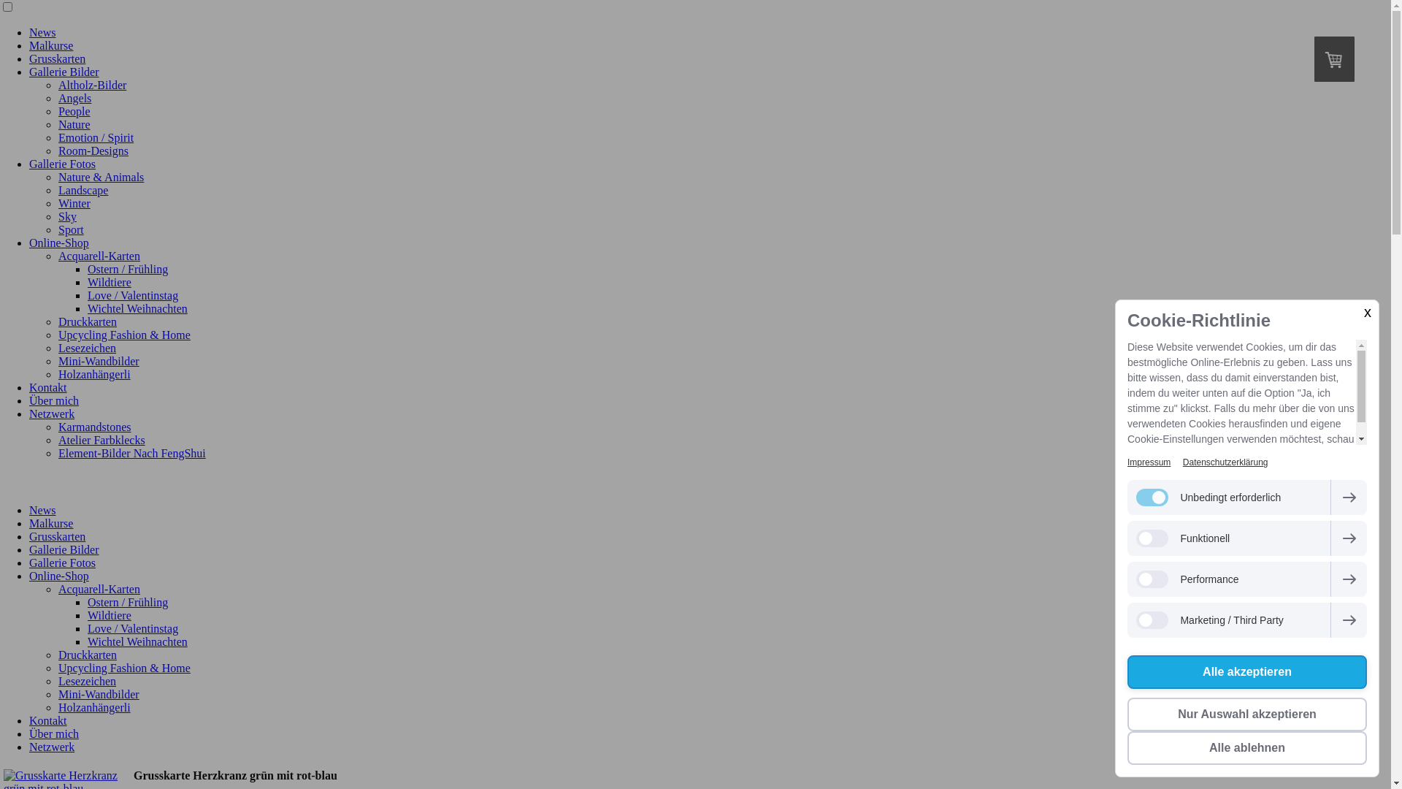 The image size is (1402, 789). What do you see at coordinates (73, 123) in the screenshot?
I see `'Nature'` at bounding box center [73, 123].